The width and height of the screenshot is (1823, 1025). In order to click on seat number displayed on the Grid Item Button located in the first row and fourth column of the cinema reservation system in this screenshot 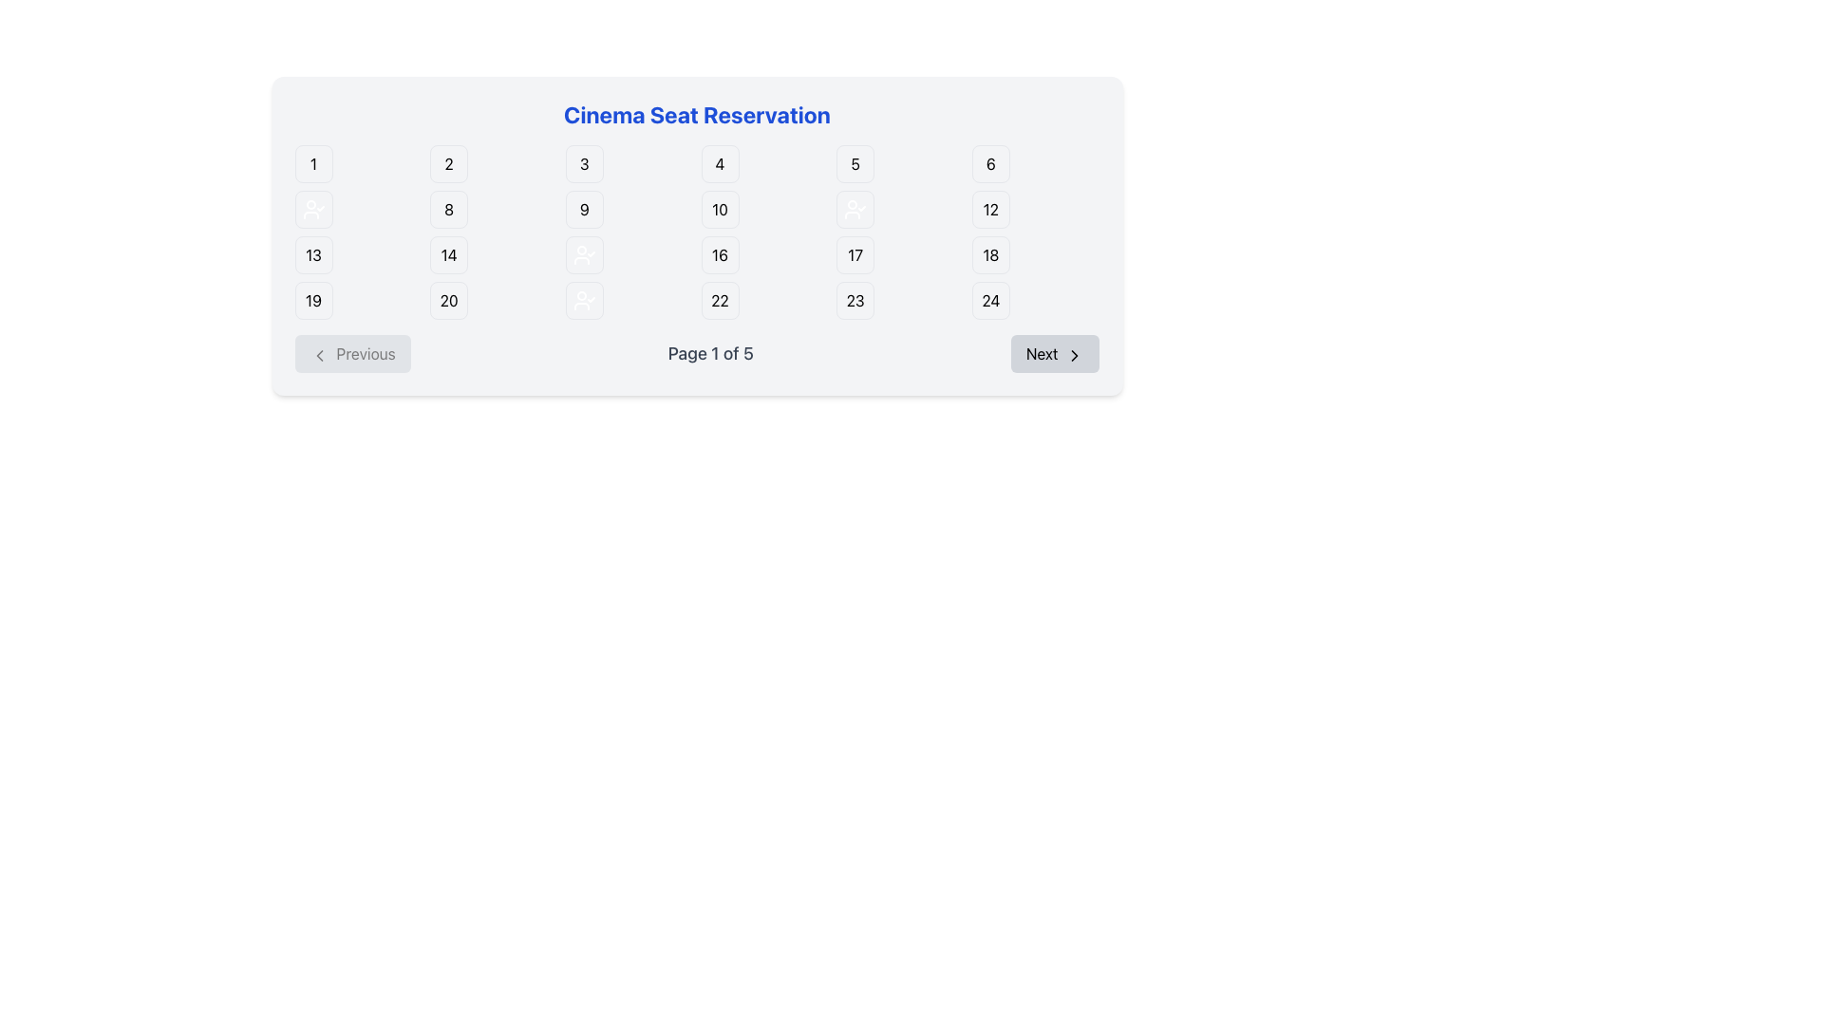, I will do `click(719, 163)`.